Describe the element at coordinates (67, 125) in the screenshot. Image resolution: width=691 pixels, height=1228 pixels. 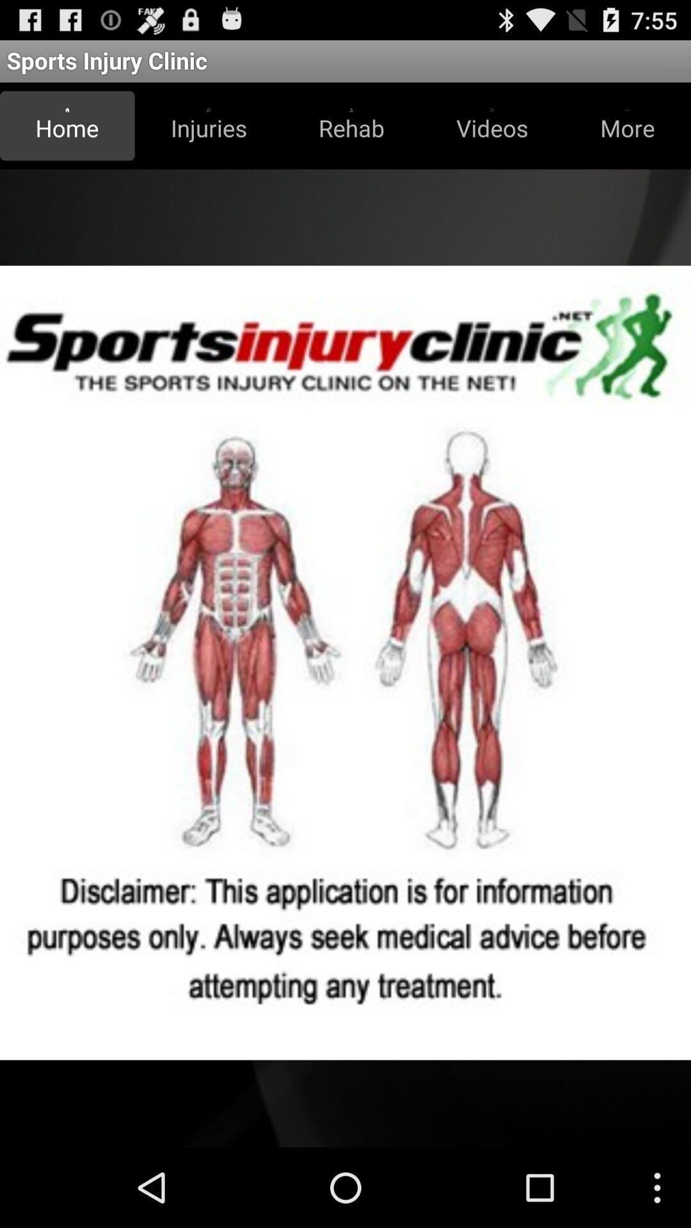
I see `home button` at that location.